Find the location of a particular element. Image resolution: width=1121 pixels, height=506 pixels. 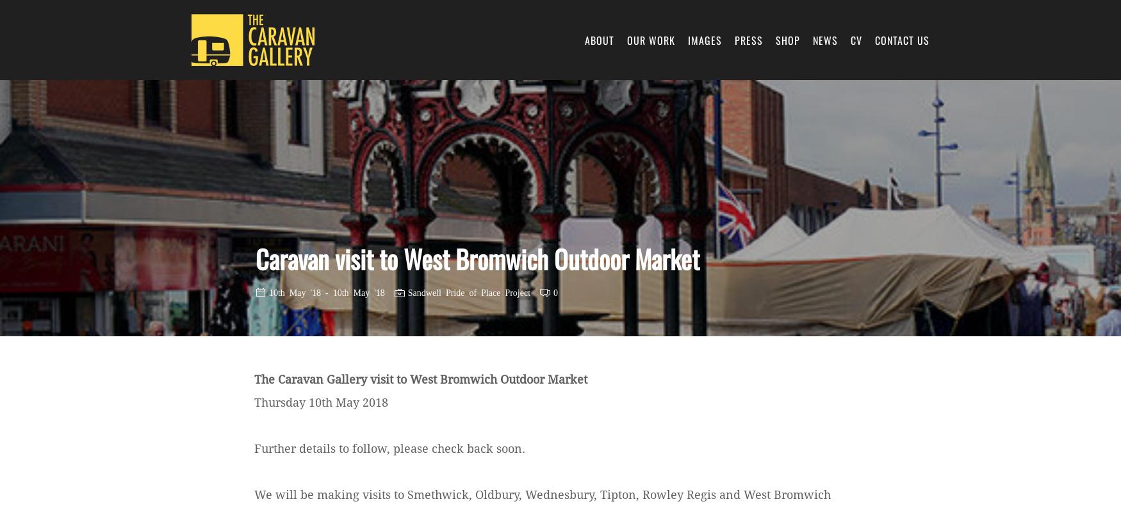

'Press' is located at coordinates (733, 39).